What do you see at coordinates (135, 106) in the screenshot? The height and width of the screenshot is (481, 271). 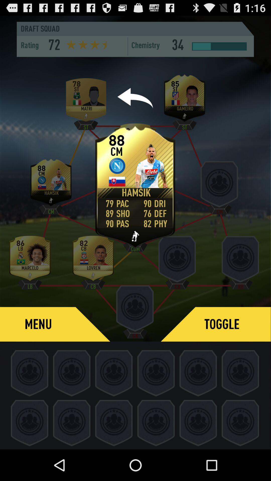 I see `the reply icon` at bounding box center [135, 106].